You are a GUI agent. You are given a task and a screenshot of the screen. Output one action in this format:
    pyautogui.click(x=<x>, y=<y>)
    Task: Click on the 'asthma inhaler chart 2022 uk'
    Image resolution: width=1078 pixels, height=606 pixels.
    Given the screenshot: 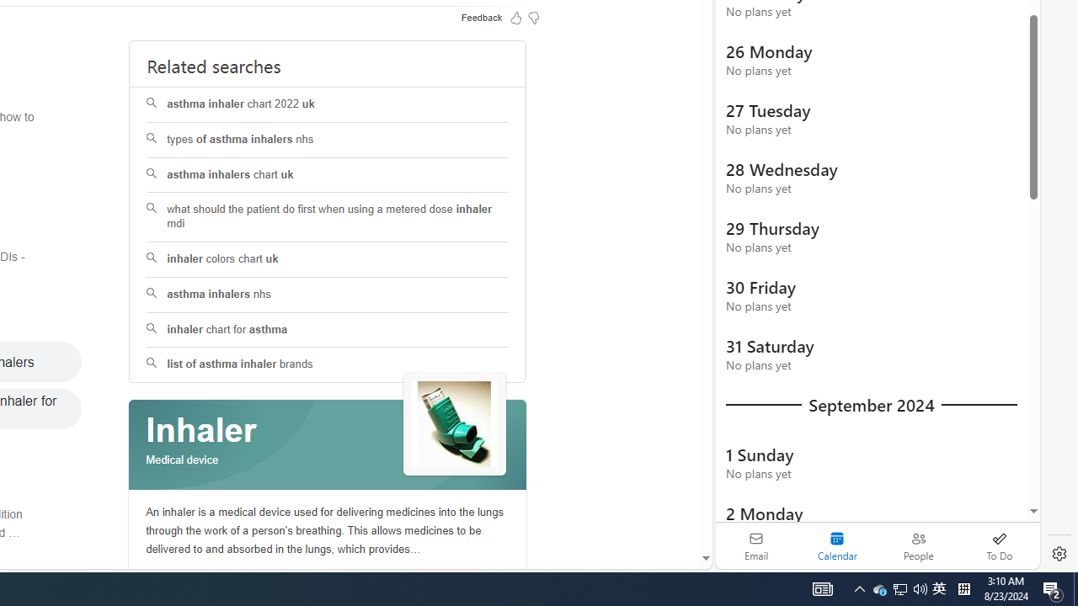 What is the action you would take?
    pyautogui.click(x=328, y=104)
    